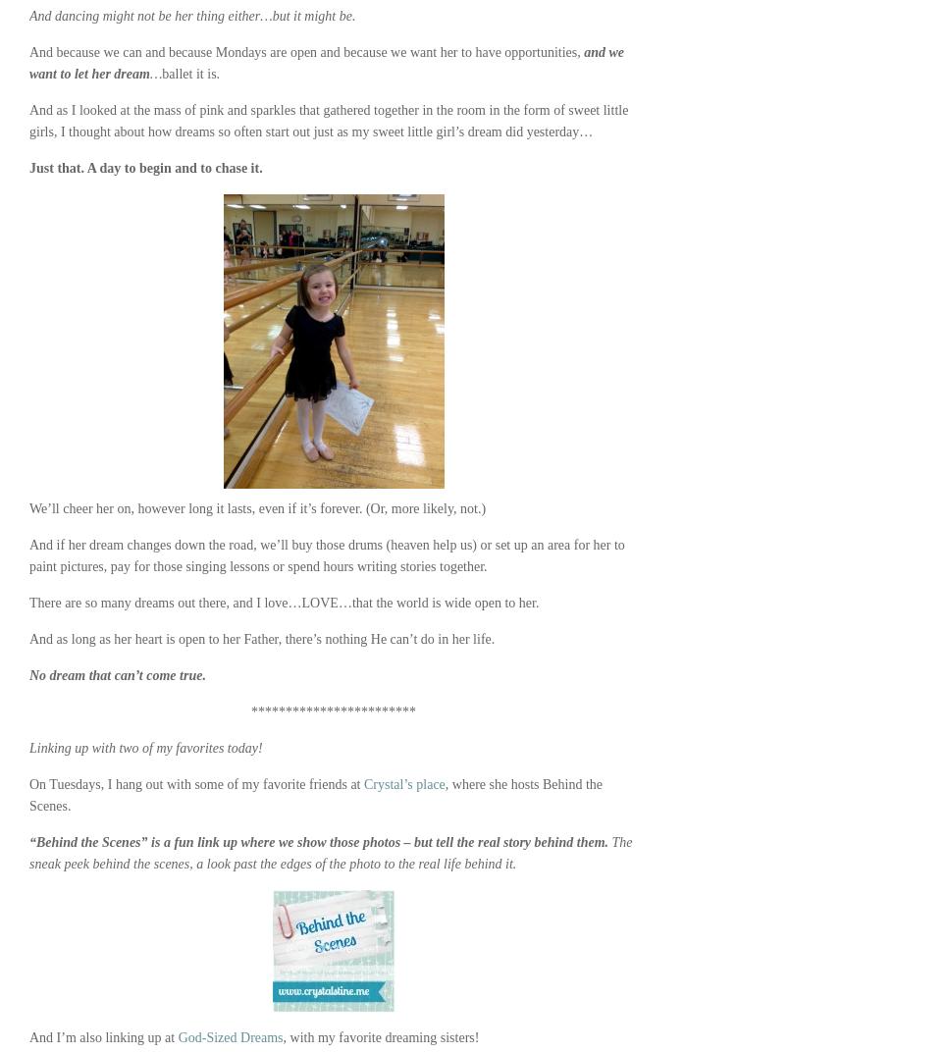  Describe the element at coordinates (196, 784) in the screenshot. I see `'On Tuesdays, I hang out with some of my favorite friends at'` at that location.